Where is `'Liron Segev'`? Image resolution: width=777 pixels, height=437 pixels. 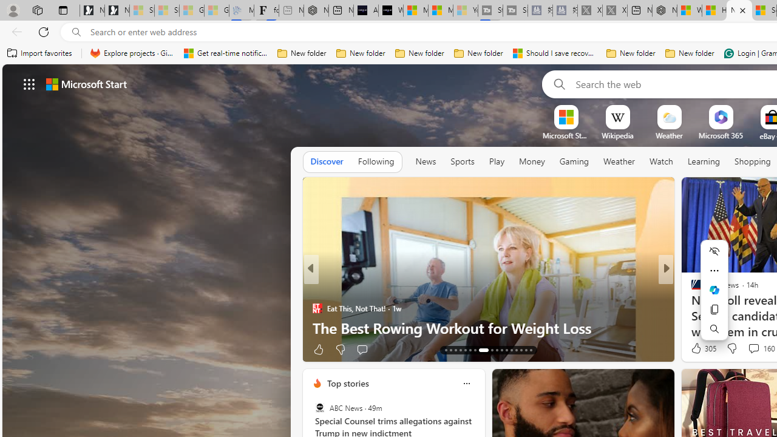 'Liron Segev' is located at coordinates (691, 307).